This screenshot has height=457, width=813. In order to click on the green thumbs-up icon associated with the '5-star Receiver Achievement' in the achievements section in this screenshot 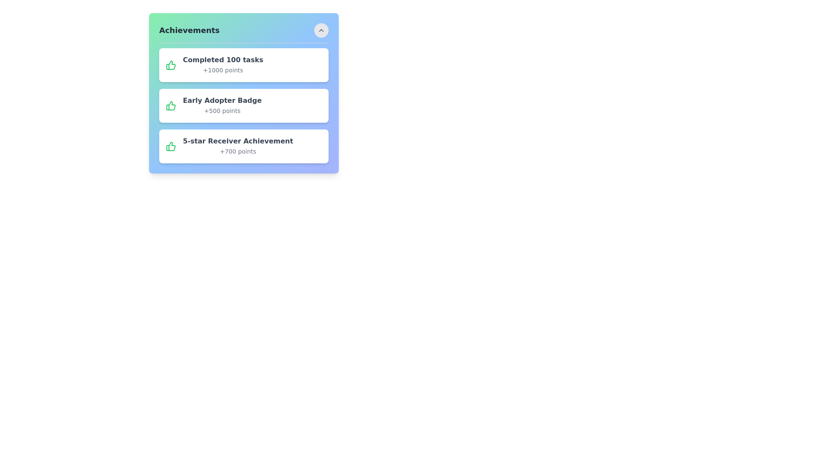, I will do `click(170, 146)`.